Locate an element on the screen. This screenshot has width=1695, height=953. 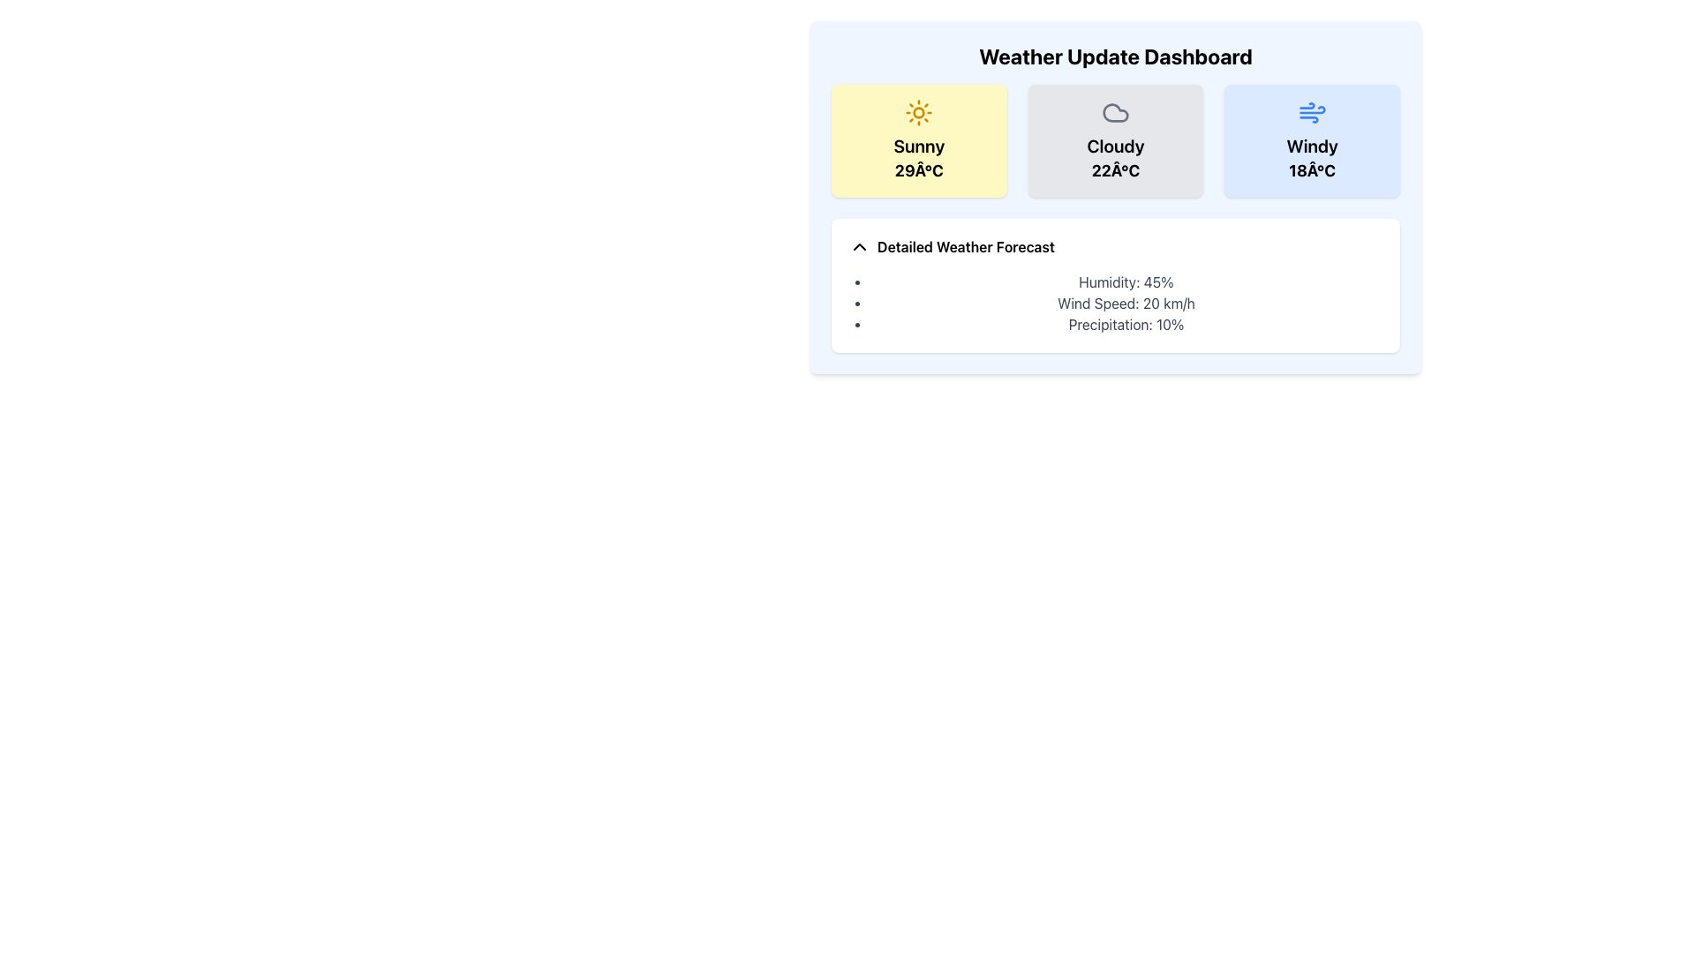
text label displaying 'Windy', which is bold and positioned below the weather icon in the weather card is located at coordinates (1312, 145).